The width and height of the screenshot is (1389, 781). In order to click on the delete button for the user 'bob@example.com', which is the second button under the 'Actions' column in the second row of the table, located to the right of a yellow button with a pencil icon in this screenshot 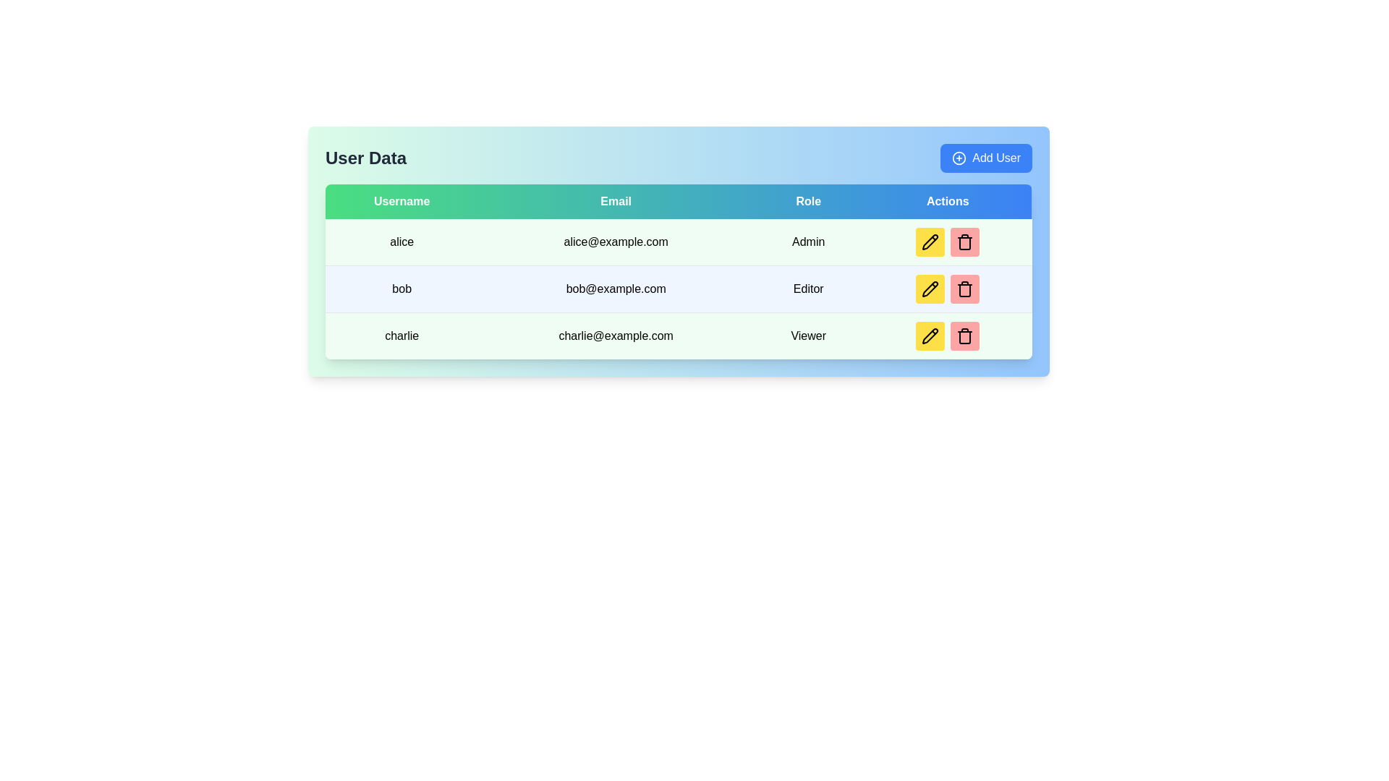, I will do `click(965, 289)`.